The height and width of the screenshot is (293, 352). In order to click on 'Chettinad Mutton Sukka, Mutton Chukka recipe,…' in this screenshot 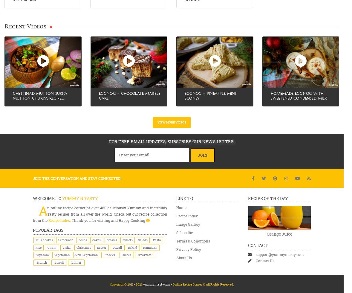, I will do `click(40, 95)`.